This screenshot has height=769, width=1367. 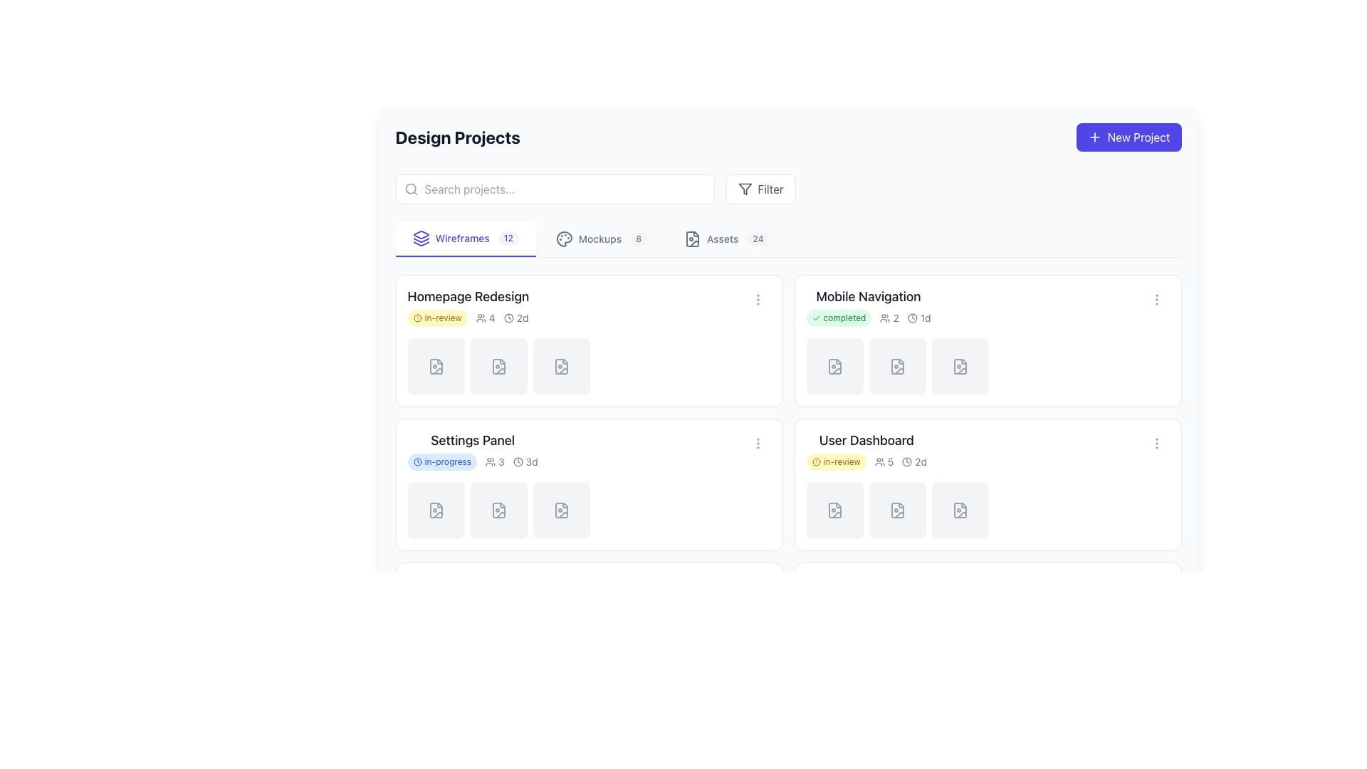 I want to click on the Status Badge with a yellow background and 'in-review' text located in the bottom right quadrant of the User Dashboard card, so click(x=836, y=461).